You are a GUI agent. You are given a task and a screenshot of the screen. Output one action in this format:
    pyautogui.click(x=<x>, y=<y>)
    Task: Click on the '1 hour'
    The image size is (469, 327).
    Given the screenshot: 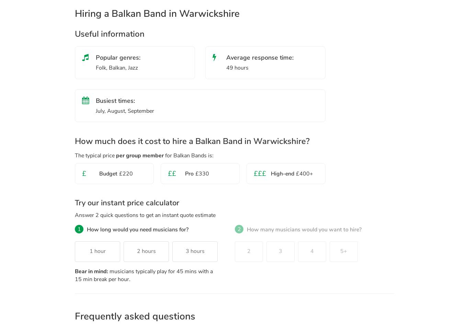 What is the action you would take?
    pyautogui.click(x=97, y=251)
    